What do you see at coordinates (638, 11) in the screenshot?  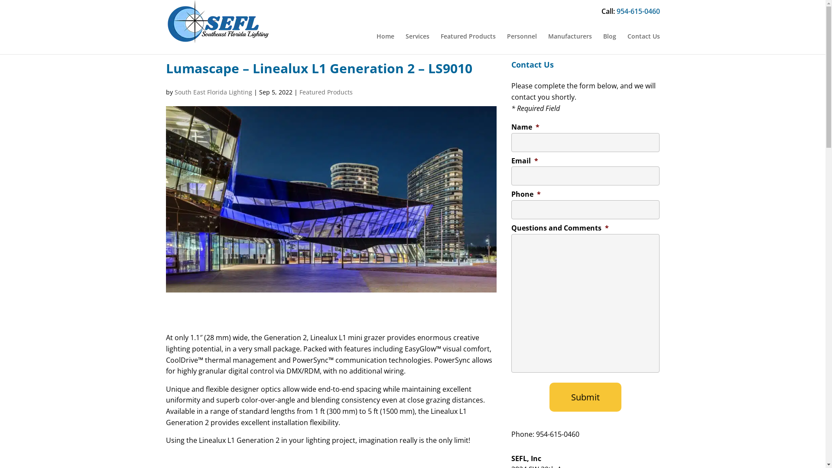 I see `'954-615-0460'` at bounding box center [638, 11].